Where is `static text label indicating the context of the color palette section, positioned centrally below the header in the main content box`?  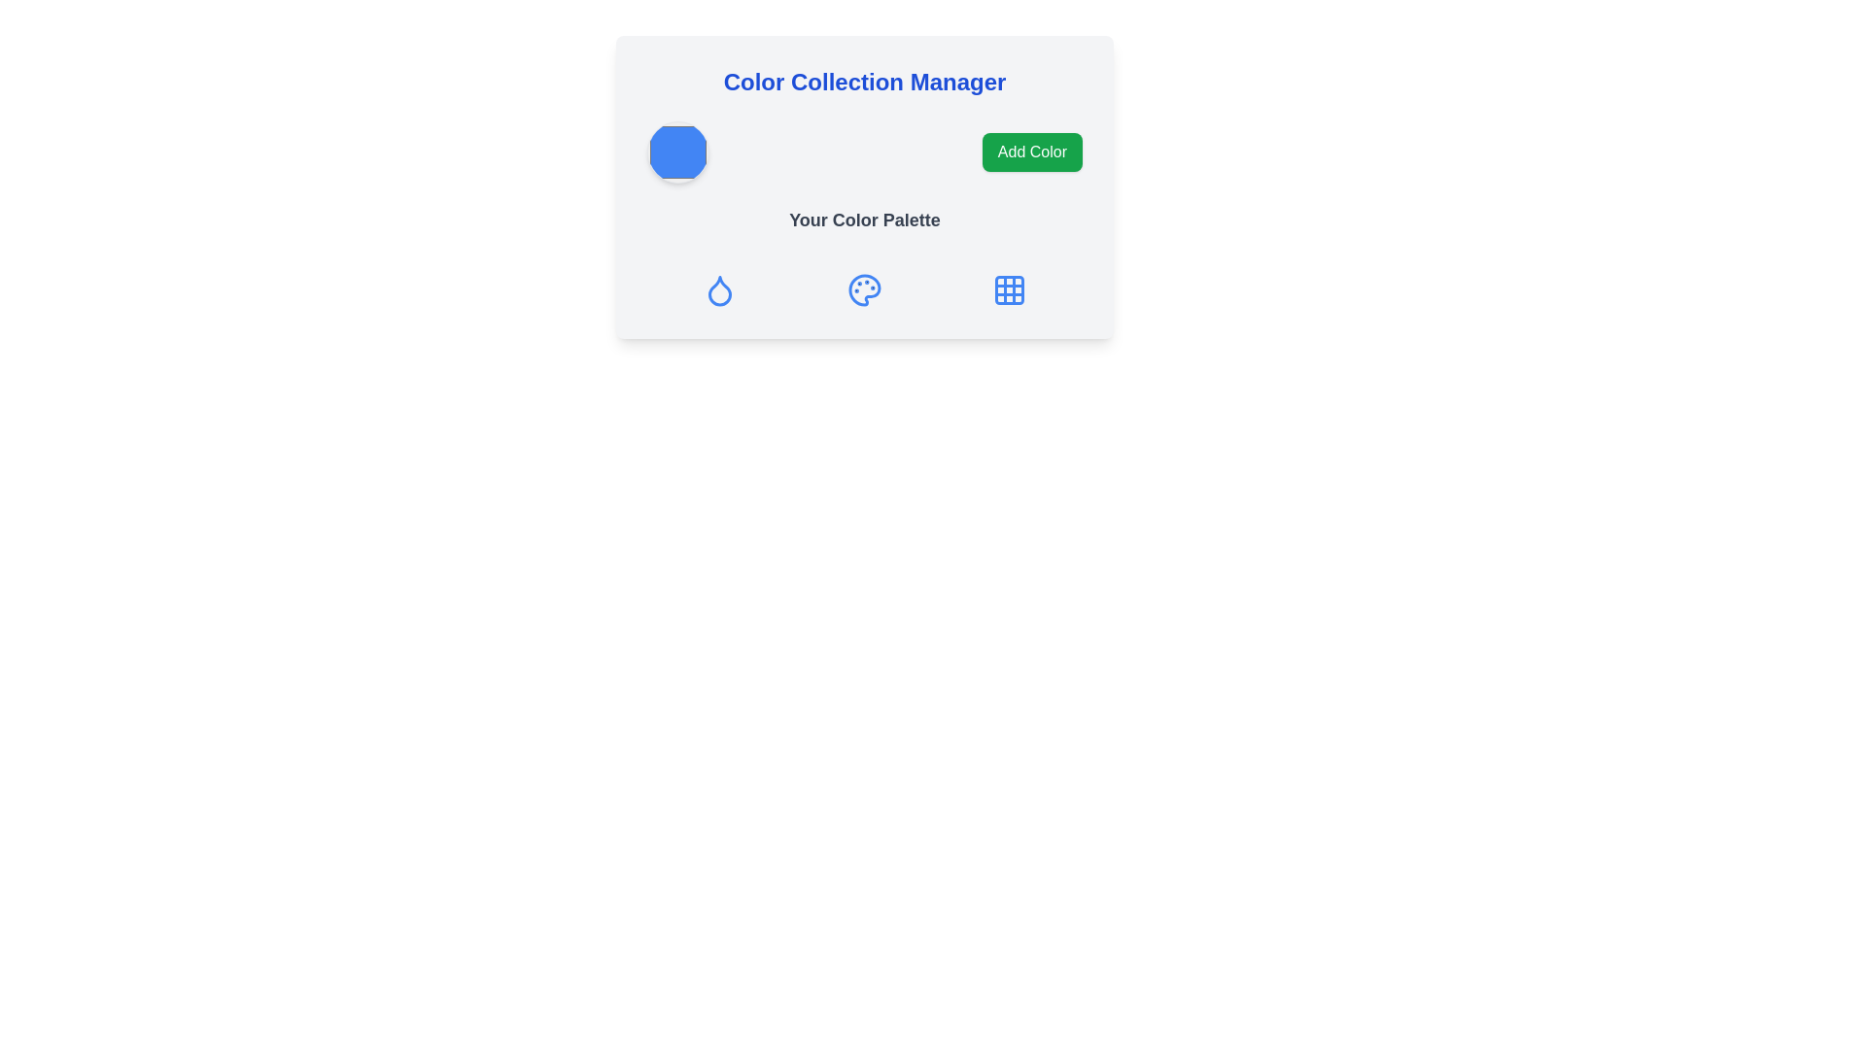
static text label indicating the context of the color palette section, positioned centrally below the header in the main content box is located at coordinates (863, 220).